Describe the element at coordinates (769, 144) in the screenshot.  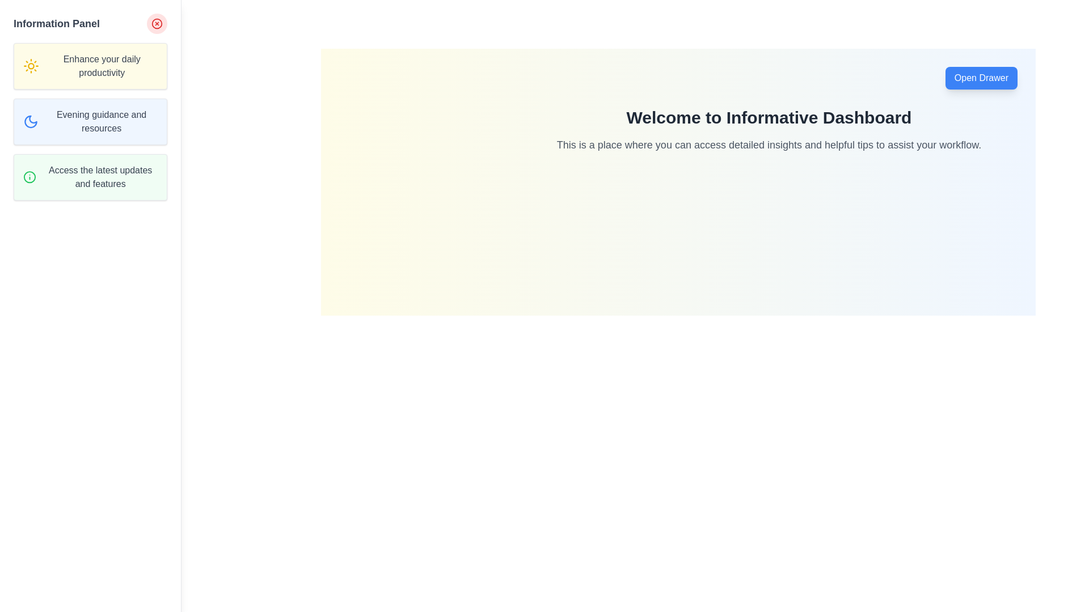
I see `text from the light gray Text Label located below the bold title 'Welcome to Informative Dashboard.'` at that location.